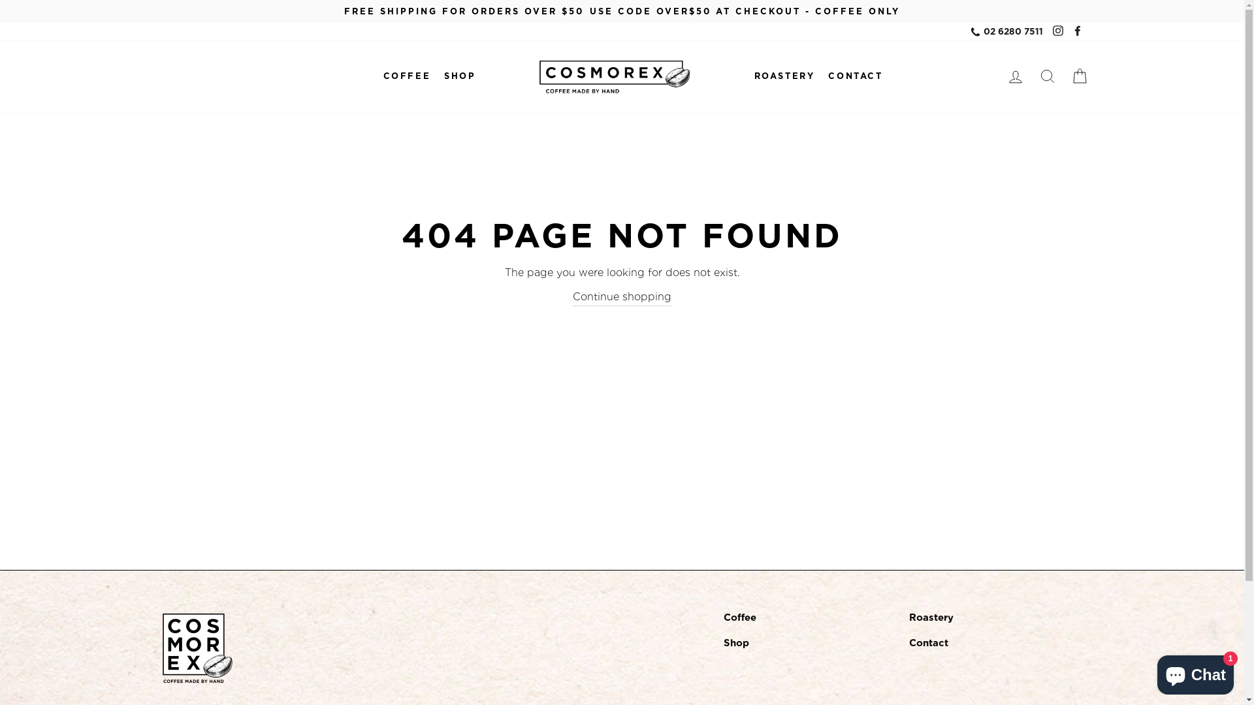  Describe the element at coordinates (406, 76) in the screenshot. I see `'COFFEE'` at that location.